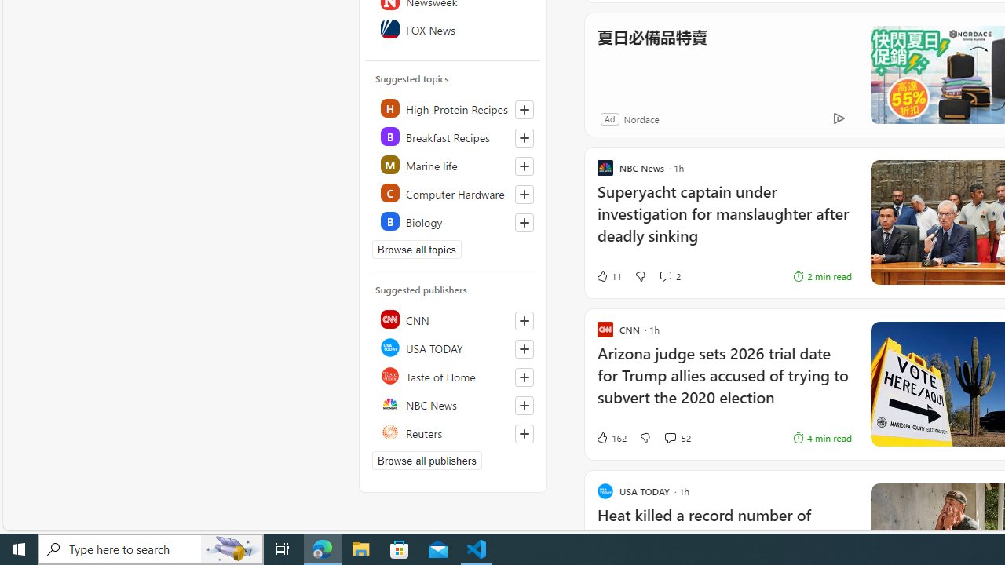 The height and width of the screenshot is (565, 1005). What do you see at coordinates (417, 248) in the screenshot?
I see `'Browse all topics'` at bounding box center [417, 248].